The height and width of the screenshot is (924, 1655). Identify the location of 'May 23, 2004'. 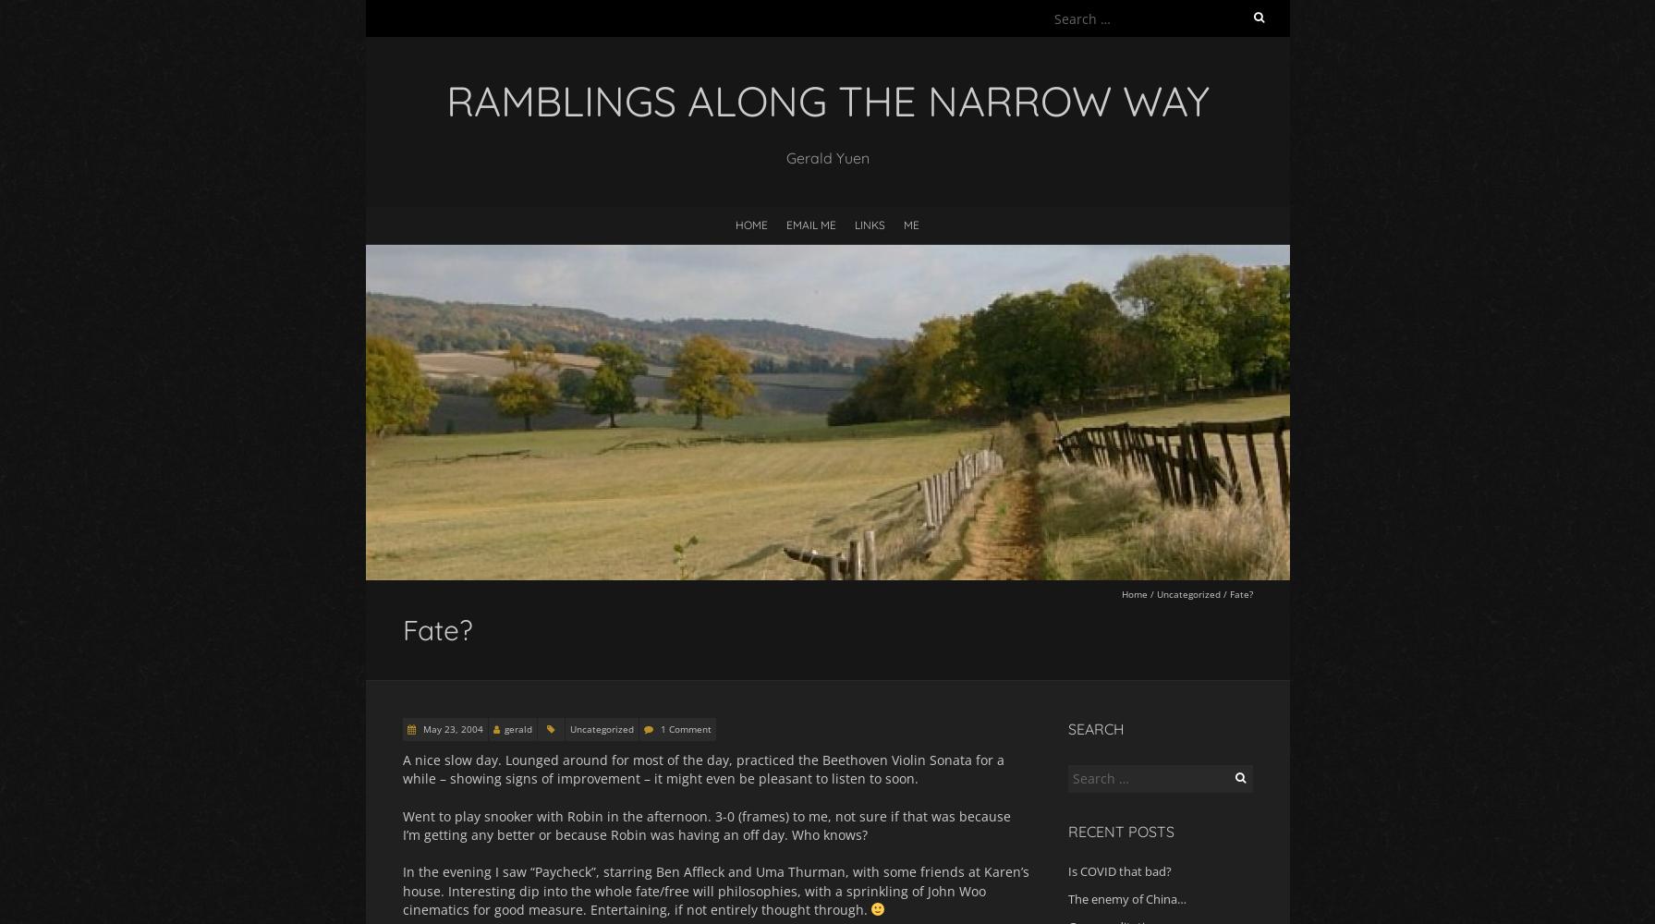
(451, 729).